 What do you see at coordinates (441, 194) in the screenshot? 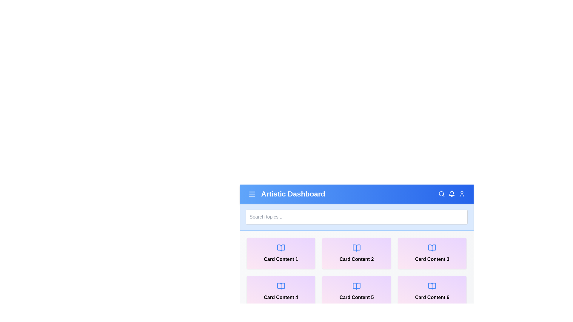
I see `the navigation bar elements: search_icon` at bounding box center [441, 194].